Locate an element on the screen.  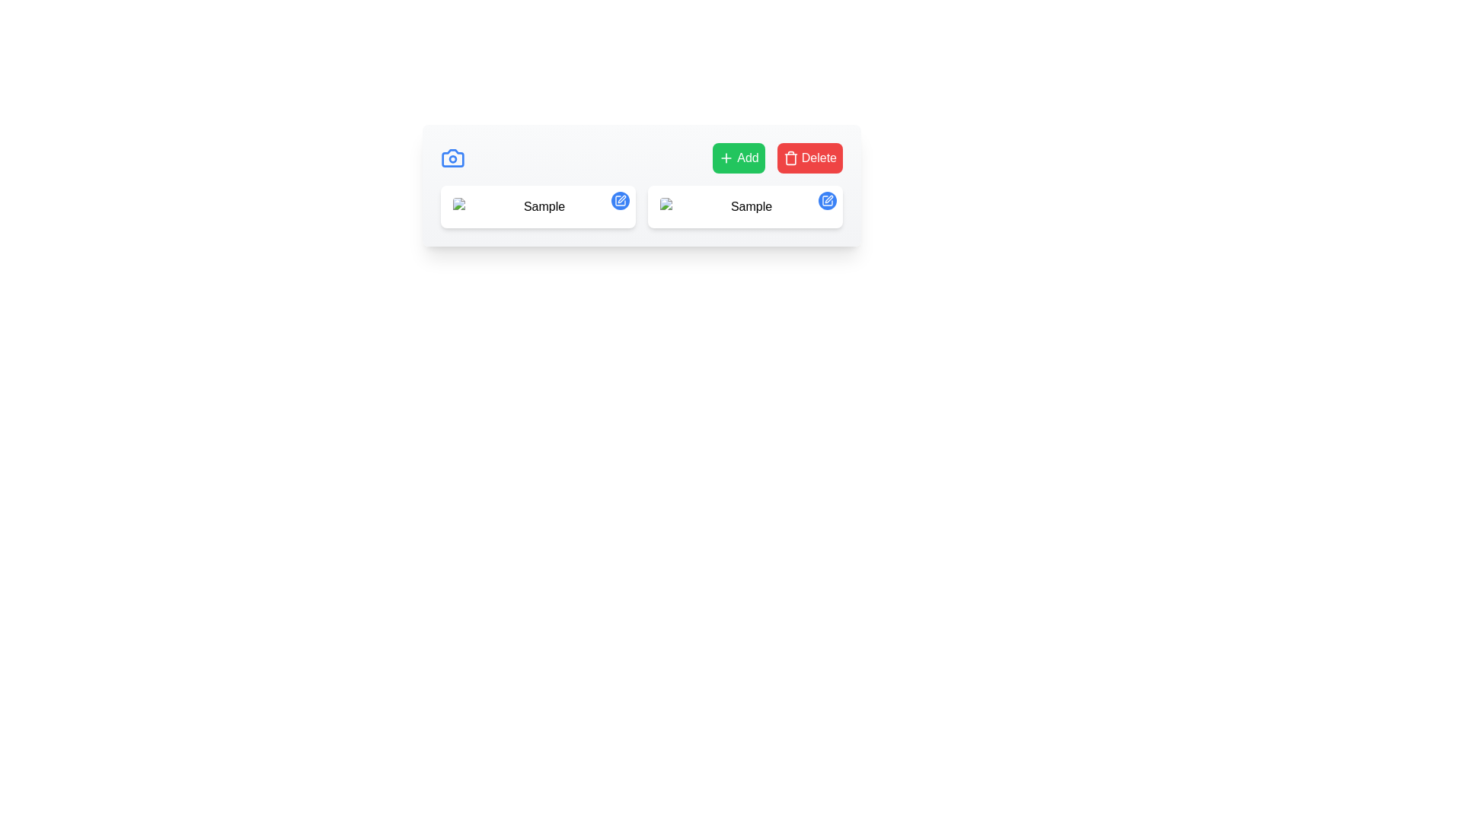
the camera icon button located at the top-left of the control bar, which is distinctively positioned away from the 'Add' and 'Delete' buttons to initiate the camera feature is located at coordinates (452, 158).